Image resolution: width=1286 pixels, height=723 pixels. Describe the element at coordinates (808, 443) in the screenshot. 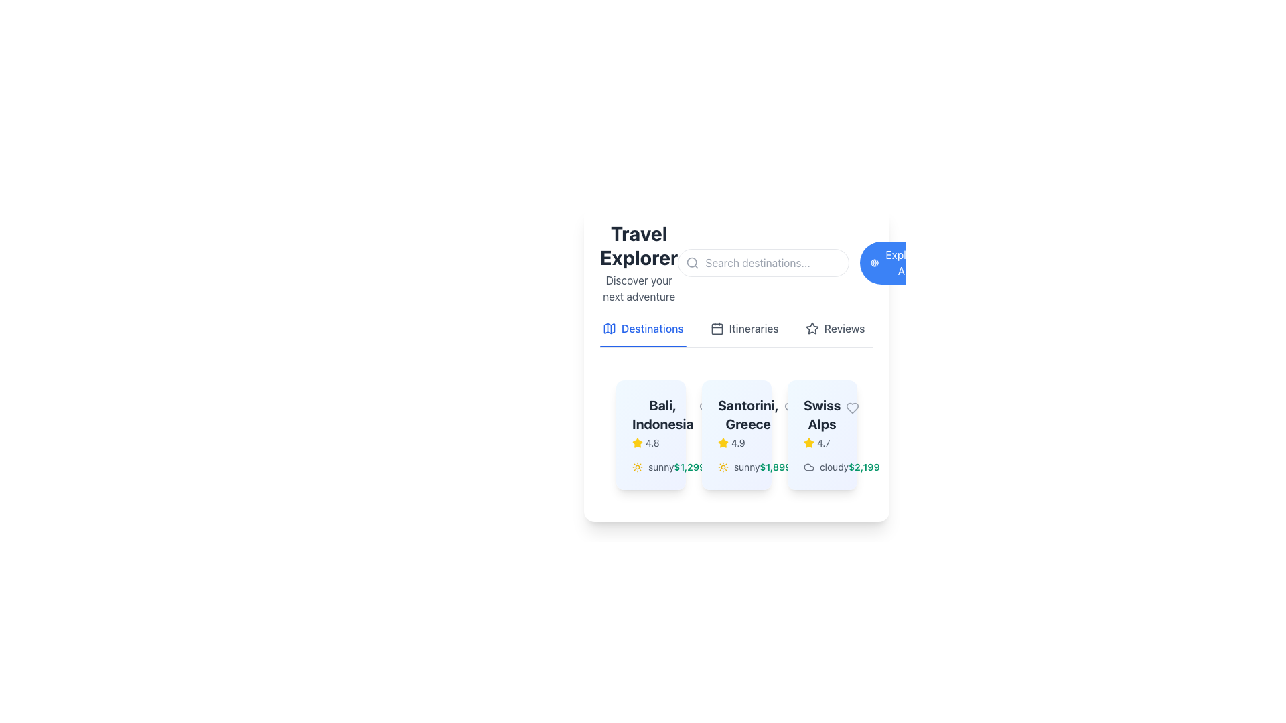

I see `the star rating icon that visually represents a high rating of 4.7, located in the middle card titled 'Swiss Alps'` at that location.